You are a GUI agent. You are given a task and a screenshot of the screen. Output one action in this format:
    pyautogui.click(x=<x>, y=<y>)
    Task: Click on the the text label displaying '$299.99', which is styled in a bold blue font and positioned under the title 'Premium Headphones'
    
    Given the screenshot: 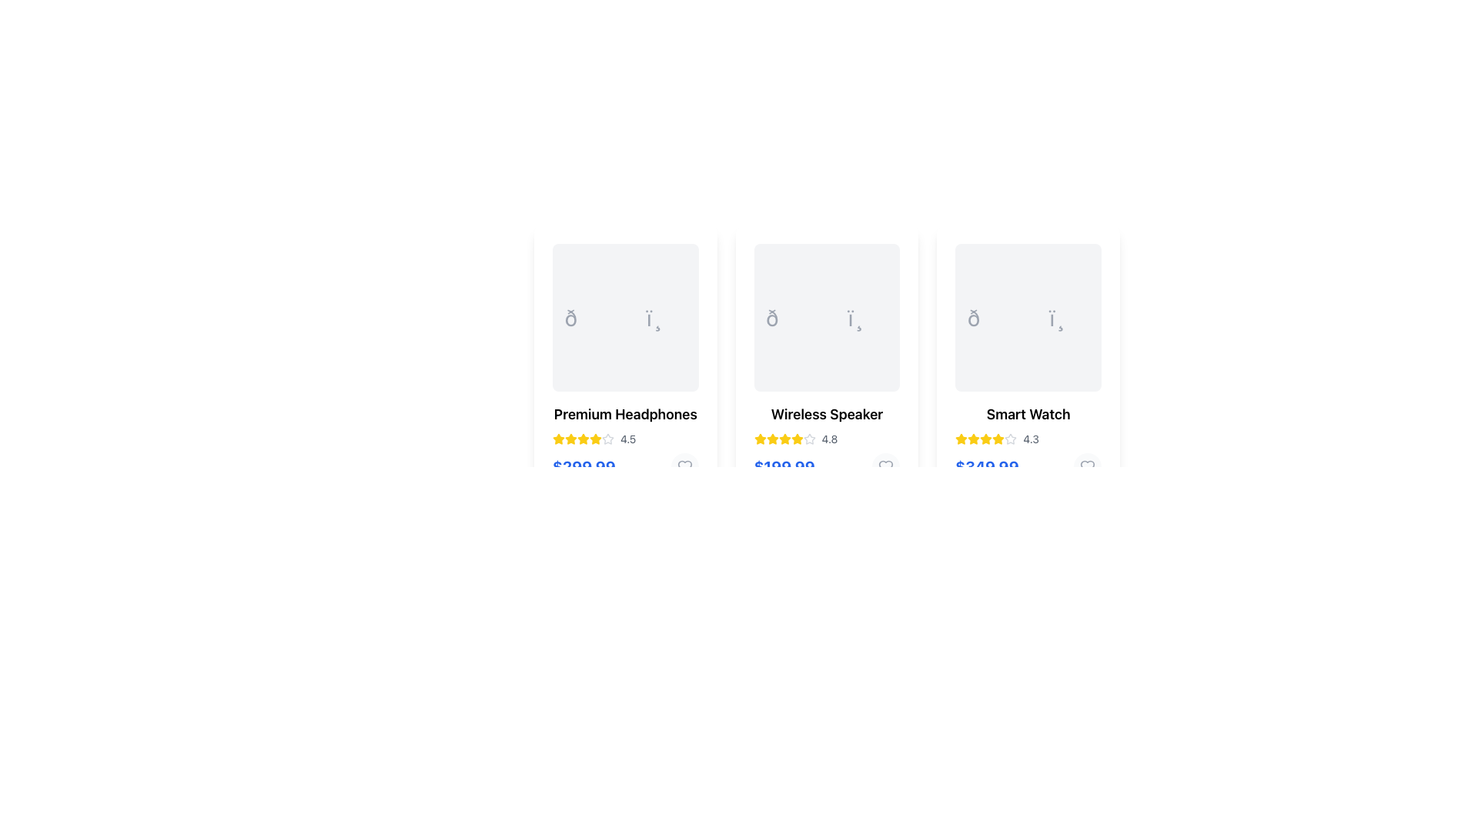 What is the action you would take?
    pyautogui.click(x=583, y=466)
    